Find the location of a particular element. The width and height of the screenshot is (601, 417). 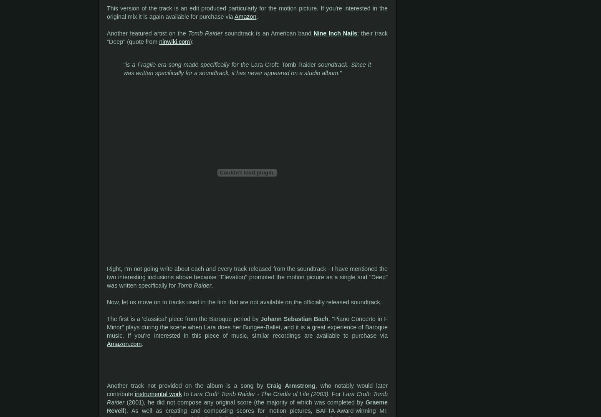

'Johann Sebastian Bach' is located at coordinates (260, 318).